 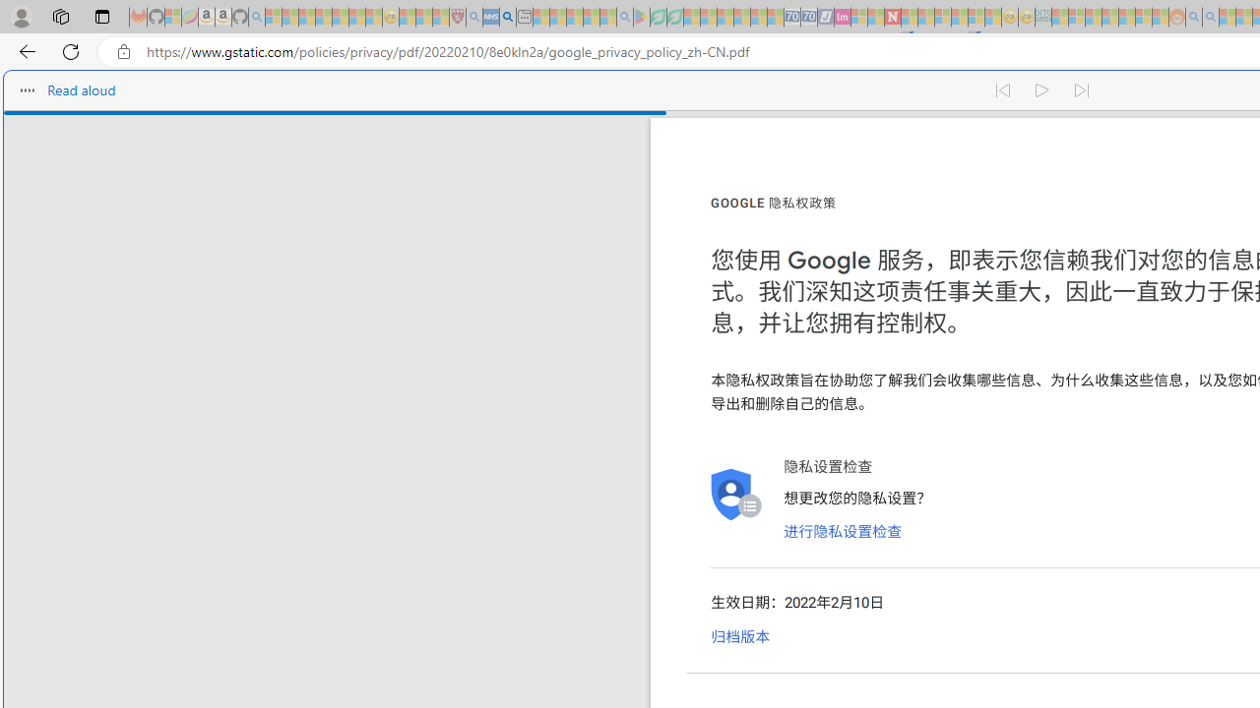 I want to click on 'Read previous paragraph', so click(x=1002, y=90).